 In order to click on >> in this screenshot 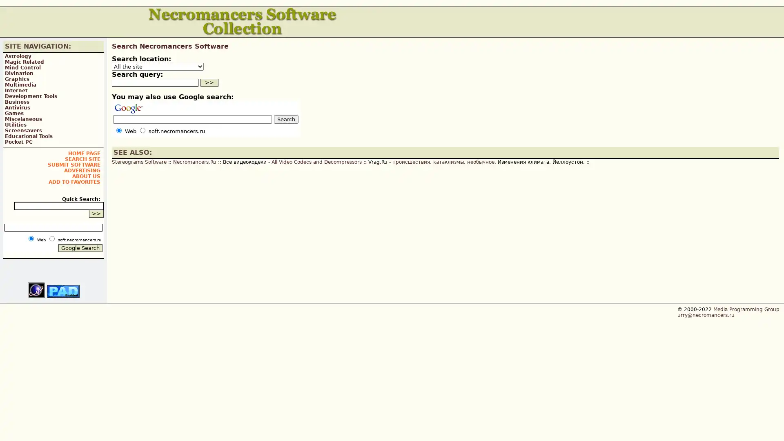, I will do `click(209, 82)`.